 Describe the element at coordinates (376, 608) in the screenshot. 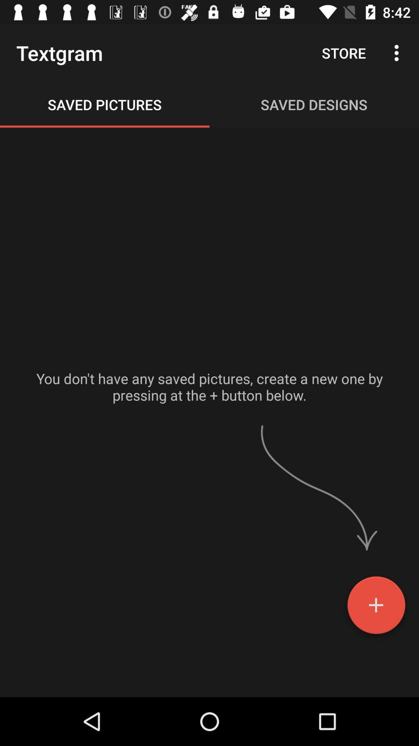

I see `use plus symbol enclosed in a circle to add pictures to your textgram` at that location.